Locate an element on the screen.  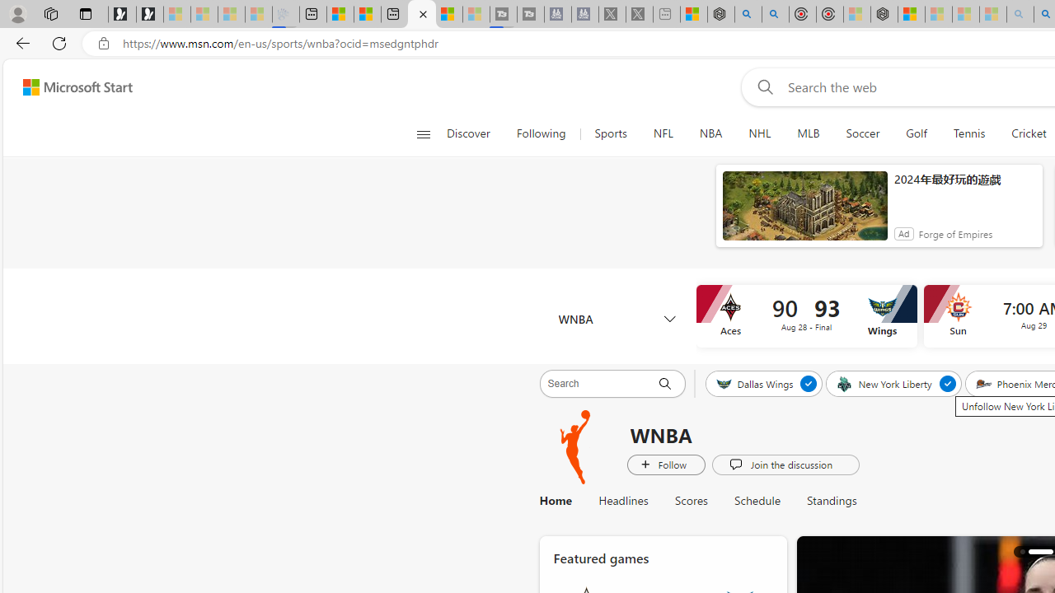
'Nordace - Nordace Siena Is Not An Ordinary Backpack' is located at coordinates (884, 14).